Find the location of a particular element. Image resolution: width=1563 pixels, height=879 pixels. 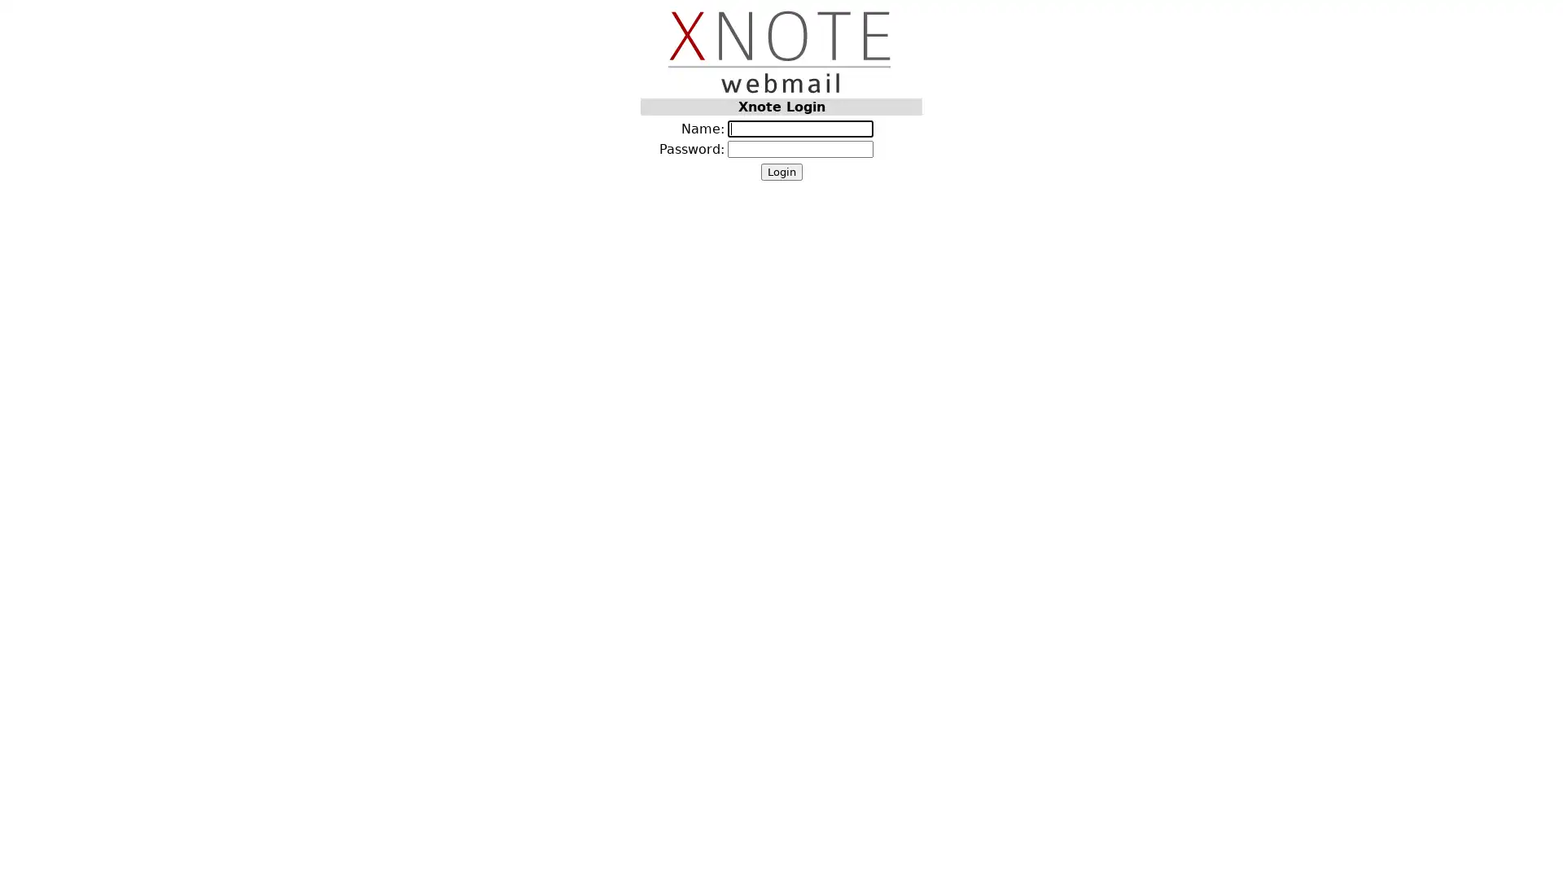

Login is located at coordinates (780, 172).